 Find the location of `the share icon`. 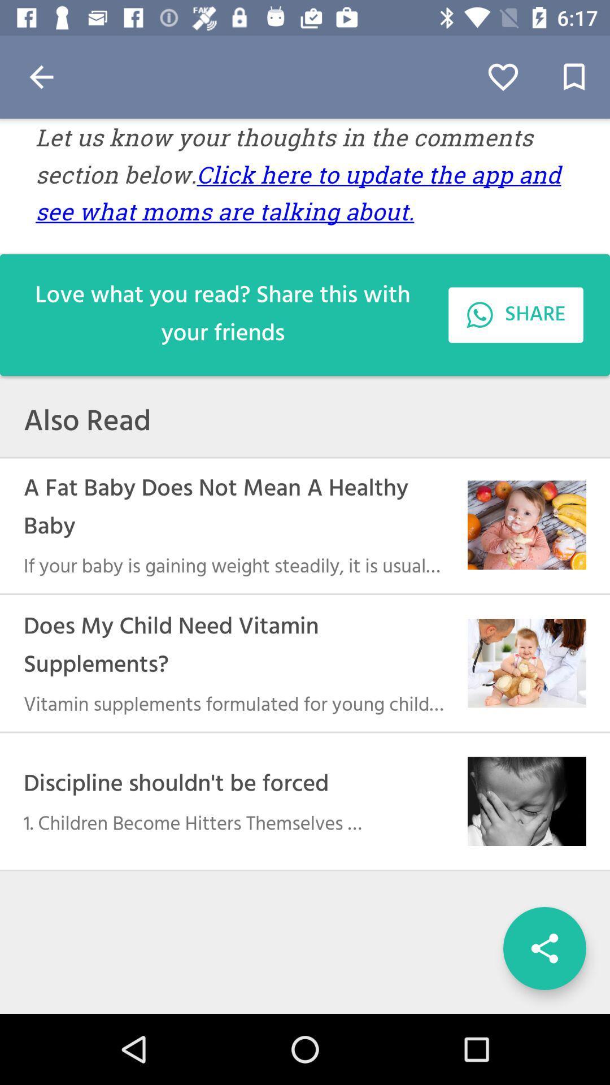

the share icon is located at coordinates (544, 948).